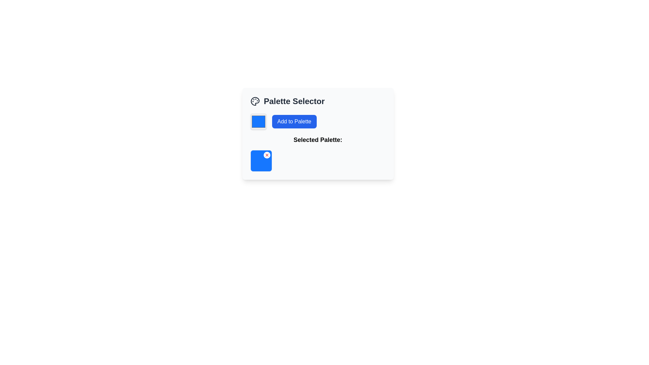 The width and height of the screenshot is (649, 365). I want to click on the palette icon located to the immediate left of the 'Palette Selector' title in the header section, so click(255, 101).